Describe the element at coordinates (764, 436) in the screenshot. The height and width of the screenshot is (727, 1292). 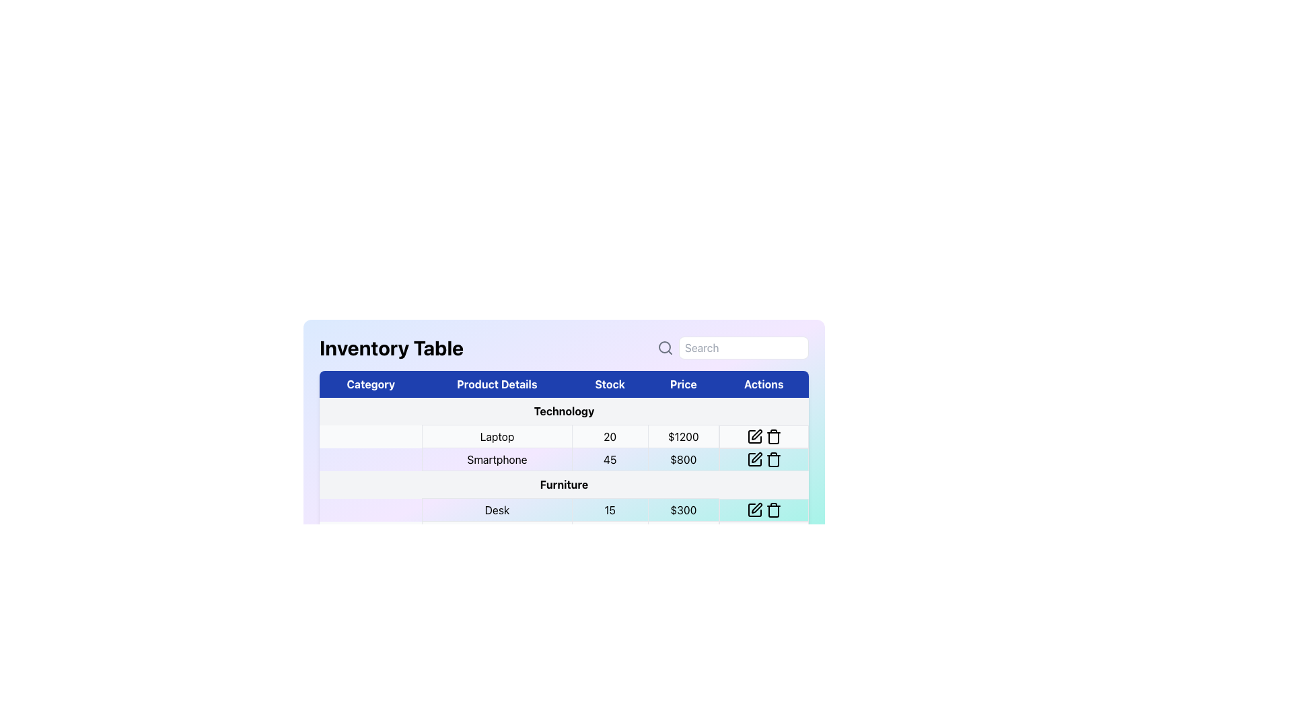
I see `the pencil icon in the Actions column` at that location.